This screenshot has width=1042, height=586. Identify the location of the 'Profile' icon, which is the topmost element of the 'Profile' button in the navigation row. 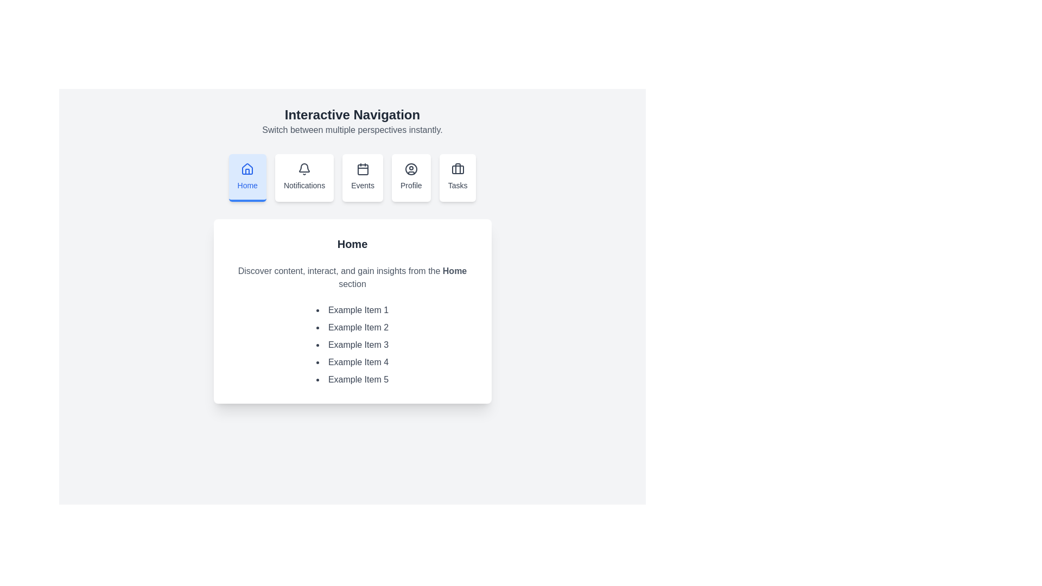
(410, 169).